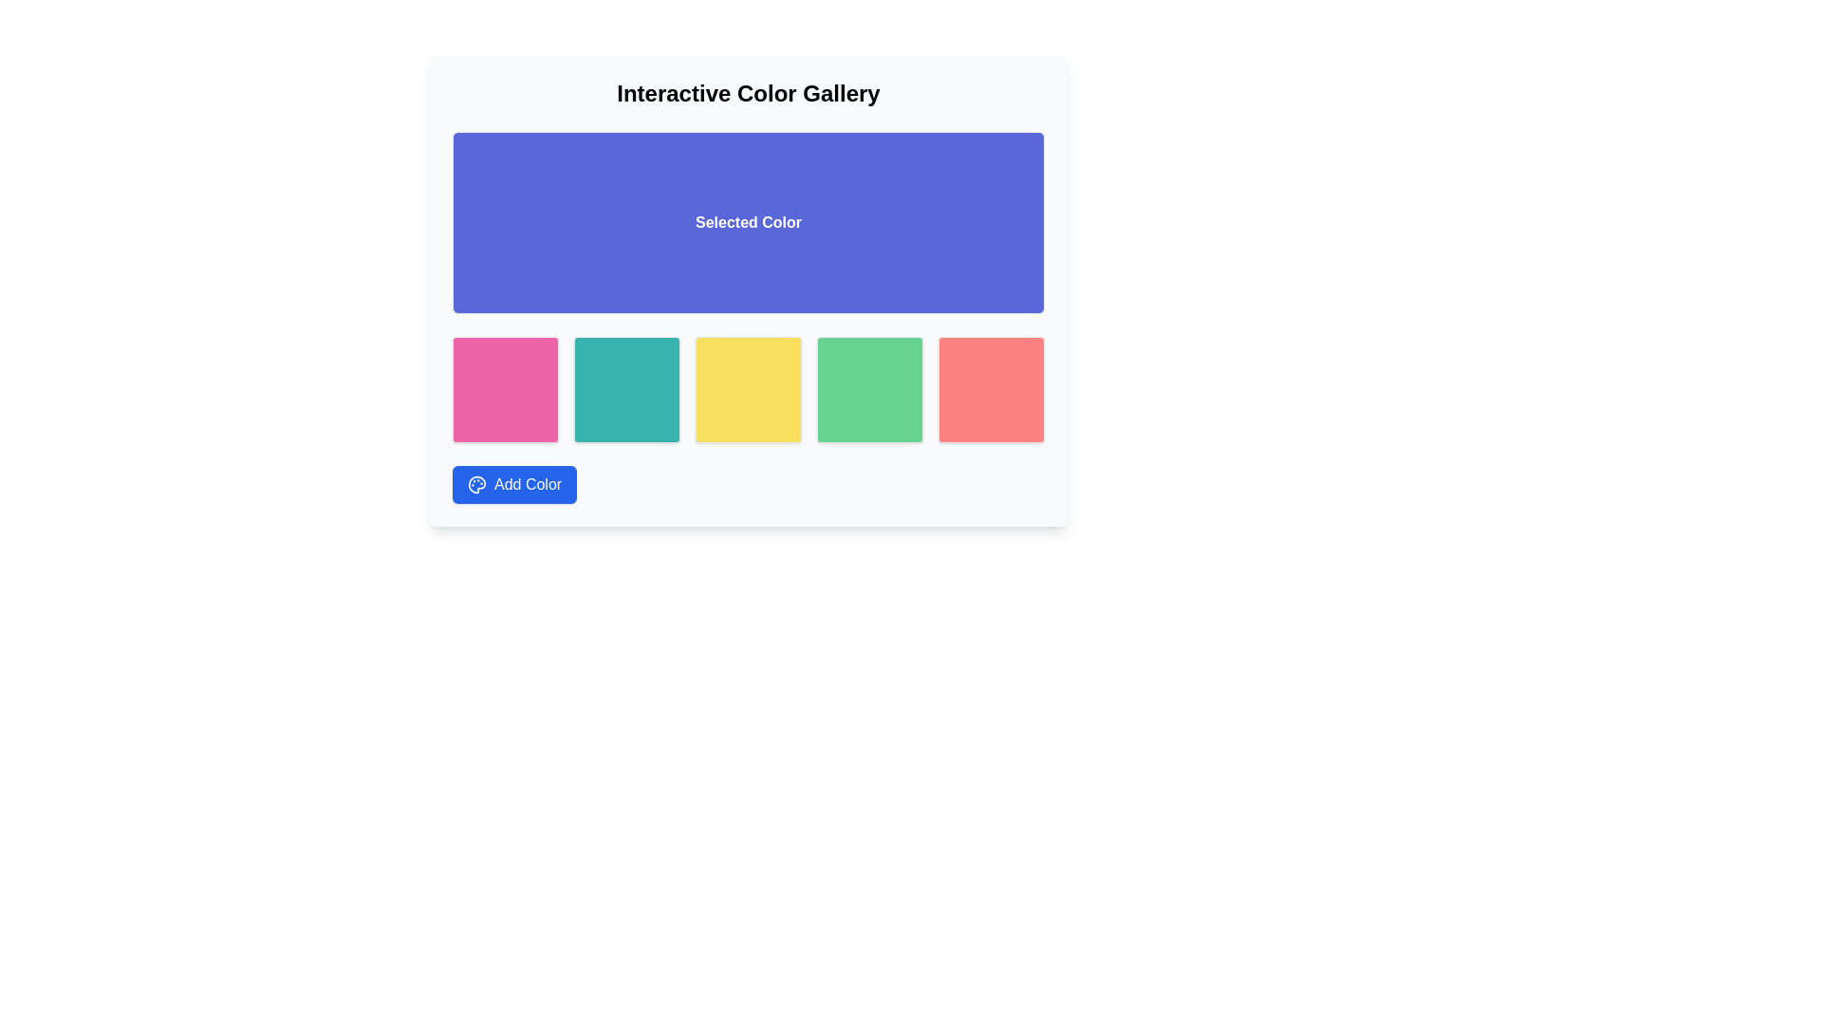 This screenshot has width=1822, height=1025. What do you see at coordinates (477, 483) in the screenshot?
I see `the palette icon with a circular shape and blue background, which is located within the 'Add Color' button at the bottom-left corner of the interface` at bounding box center [477, 483].